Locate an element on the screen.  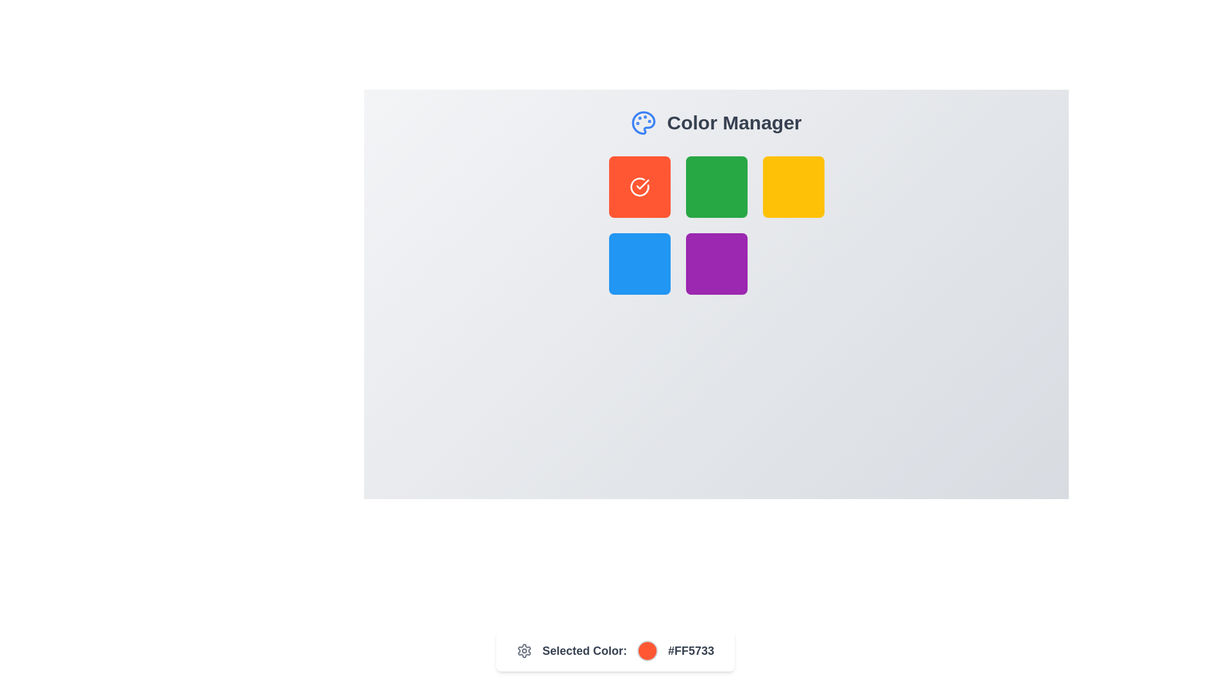
the gear outline within the settings icon represented as a vector graphic in the SVG element, located at the top-right corner of the interface is located at coordinates (524, 650).